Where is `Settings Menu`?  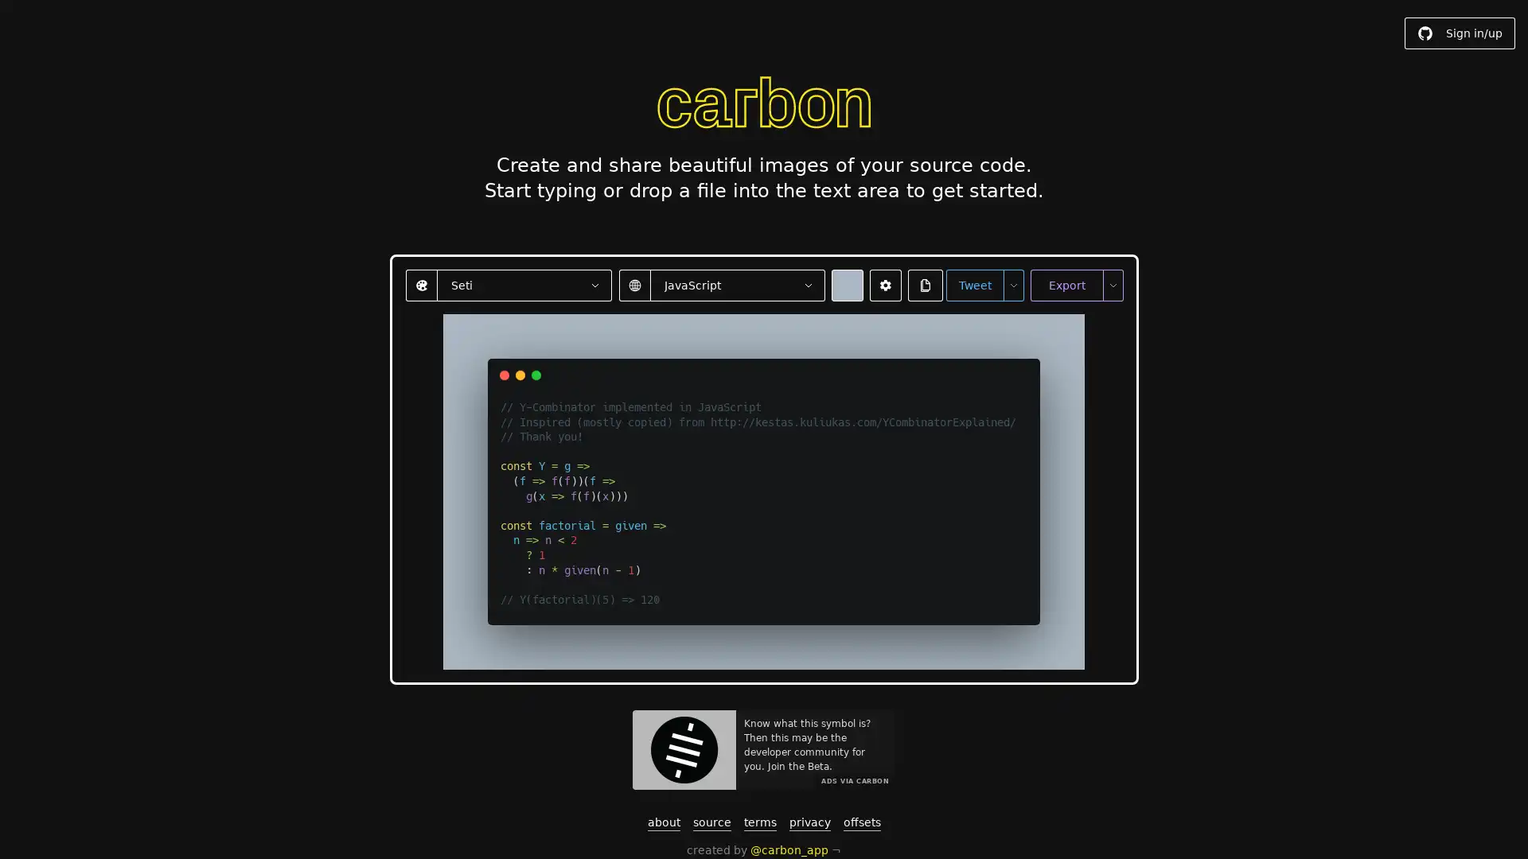
Settings Menu is located at coordinates (884, 284).